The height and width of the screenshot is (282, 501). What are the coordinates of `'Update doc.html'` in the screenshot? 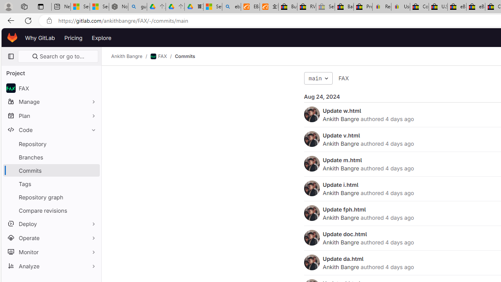 It's located at (344, 233).